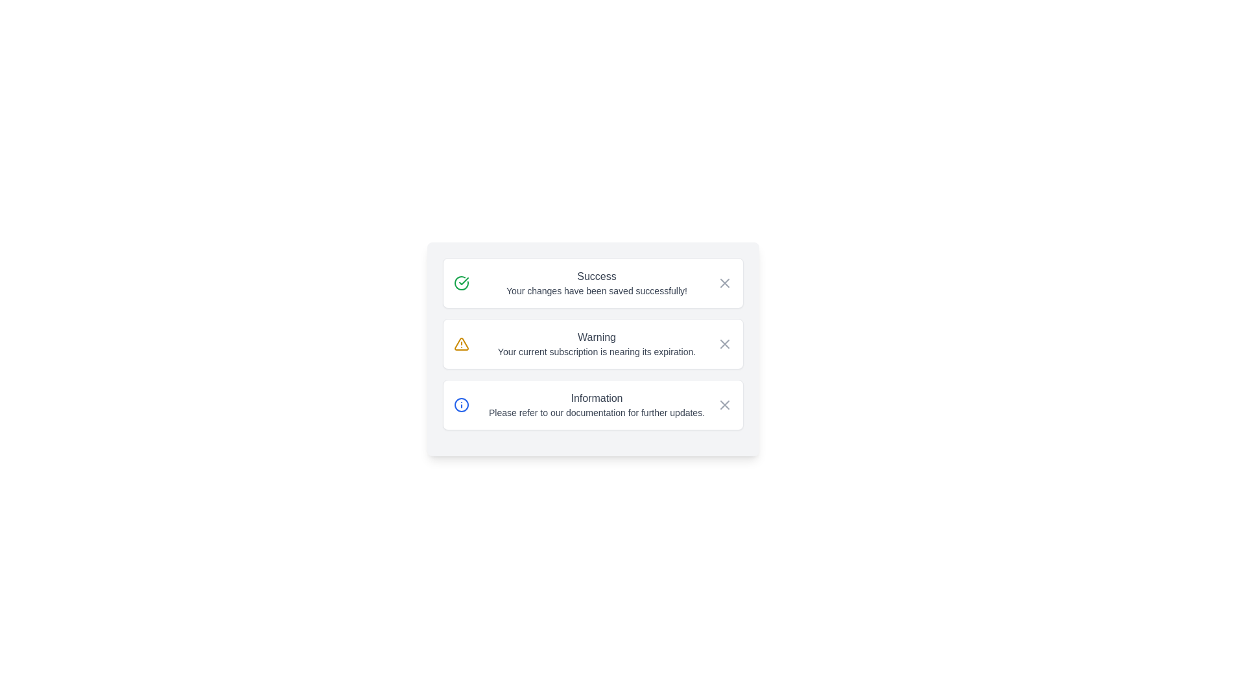 This screenshot has height=700, width=1245. What do you see at coordinates (724, 344) in the screenshot?
I see `the close button located in the top-right corner of the notification card` at bounding box center [724, 344].